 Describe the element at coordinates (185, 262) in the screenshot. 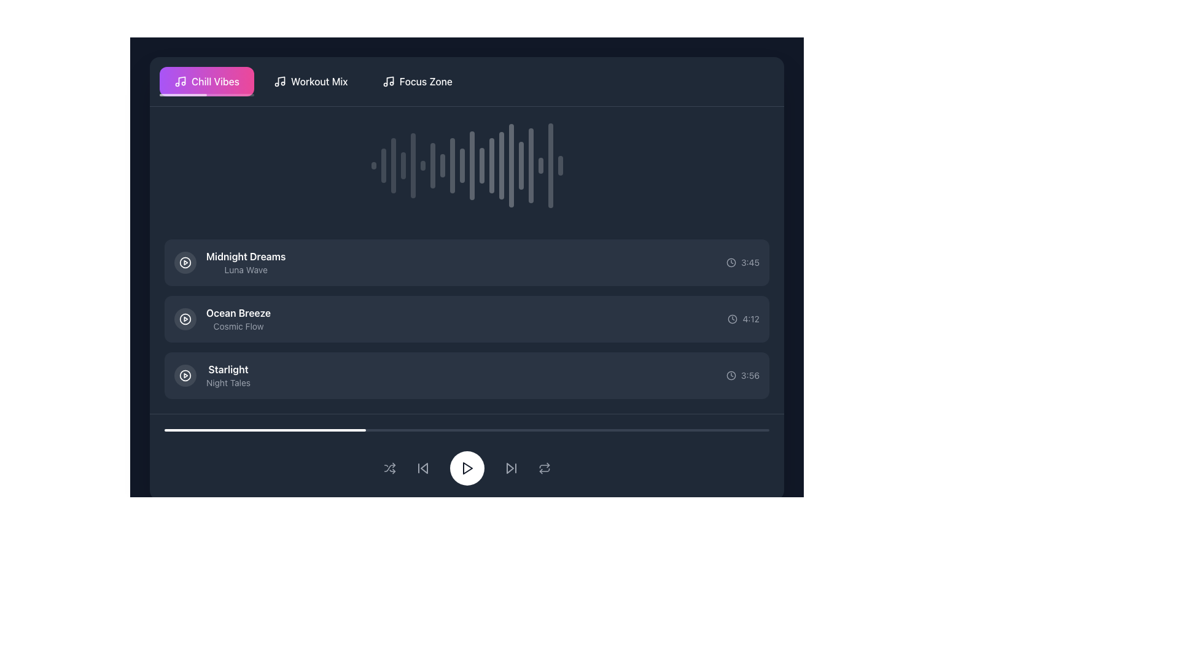

I see `the circular component within the play button icon located to the left of the first song in the 'Midnight Dreams' list by 'Luna Wave'` at that location.